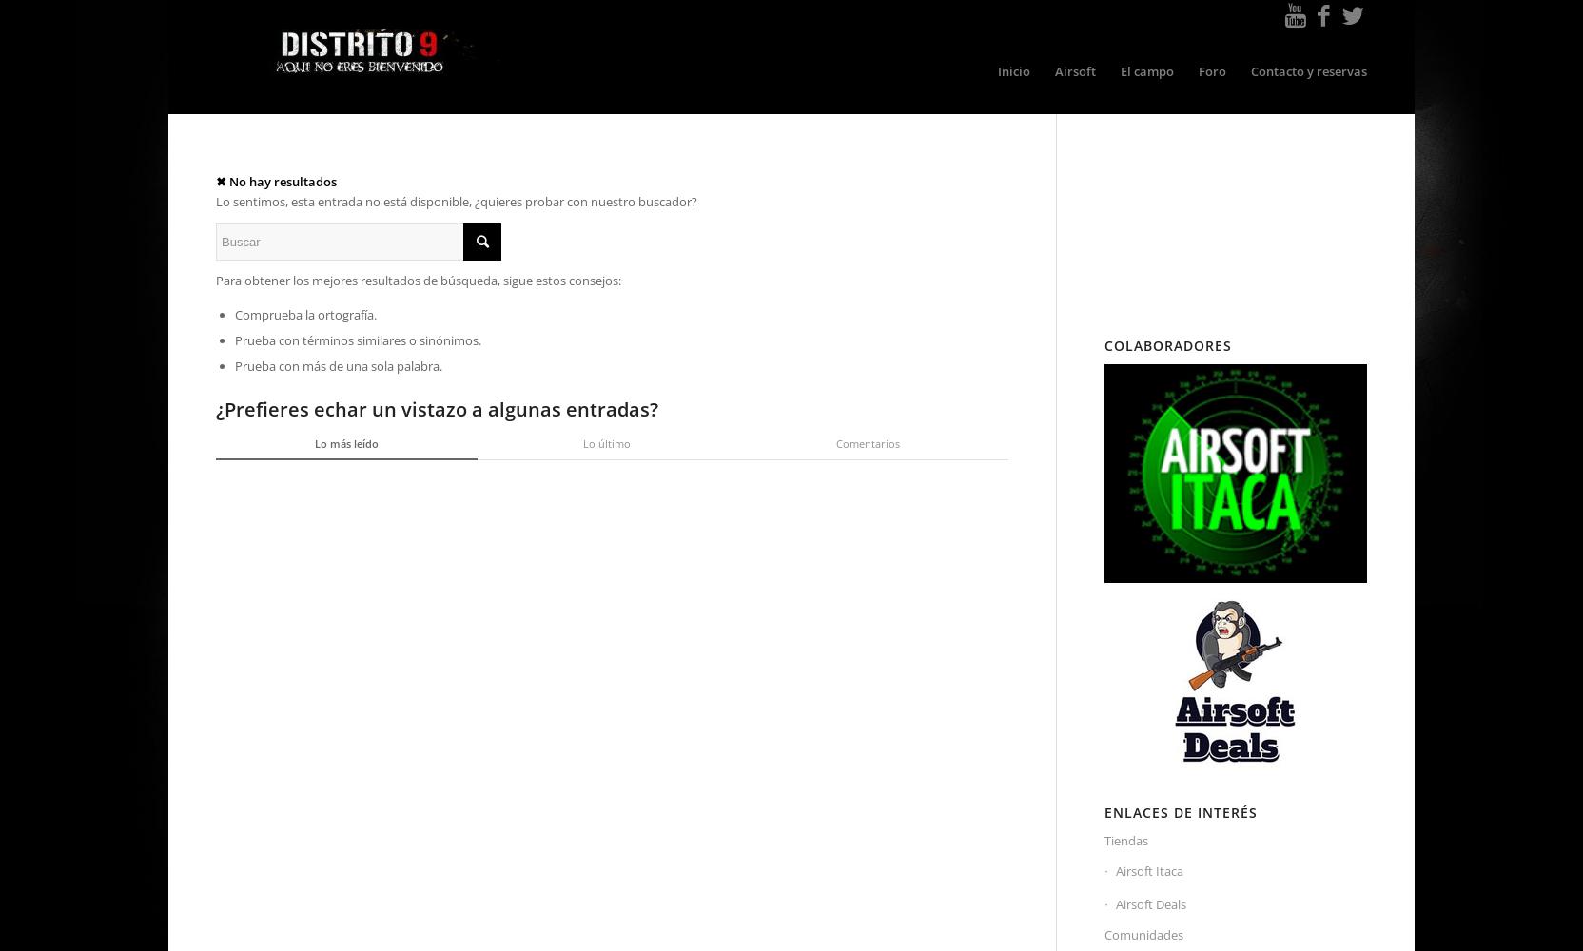 This screenshot has width=1583, height=951. What do you see at coordinates (1181, 810) in the screenshot?
I see `'Enlaces de Interés'` at bounding box center [1181, 810].